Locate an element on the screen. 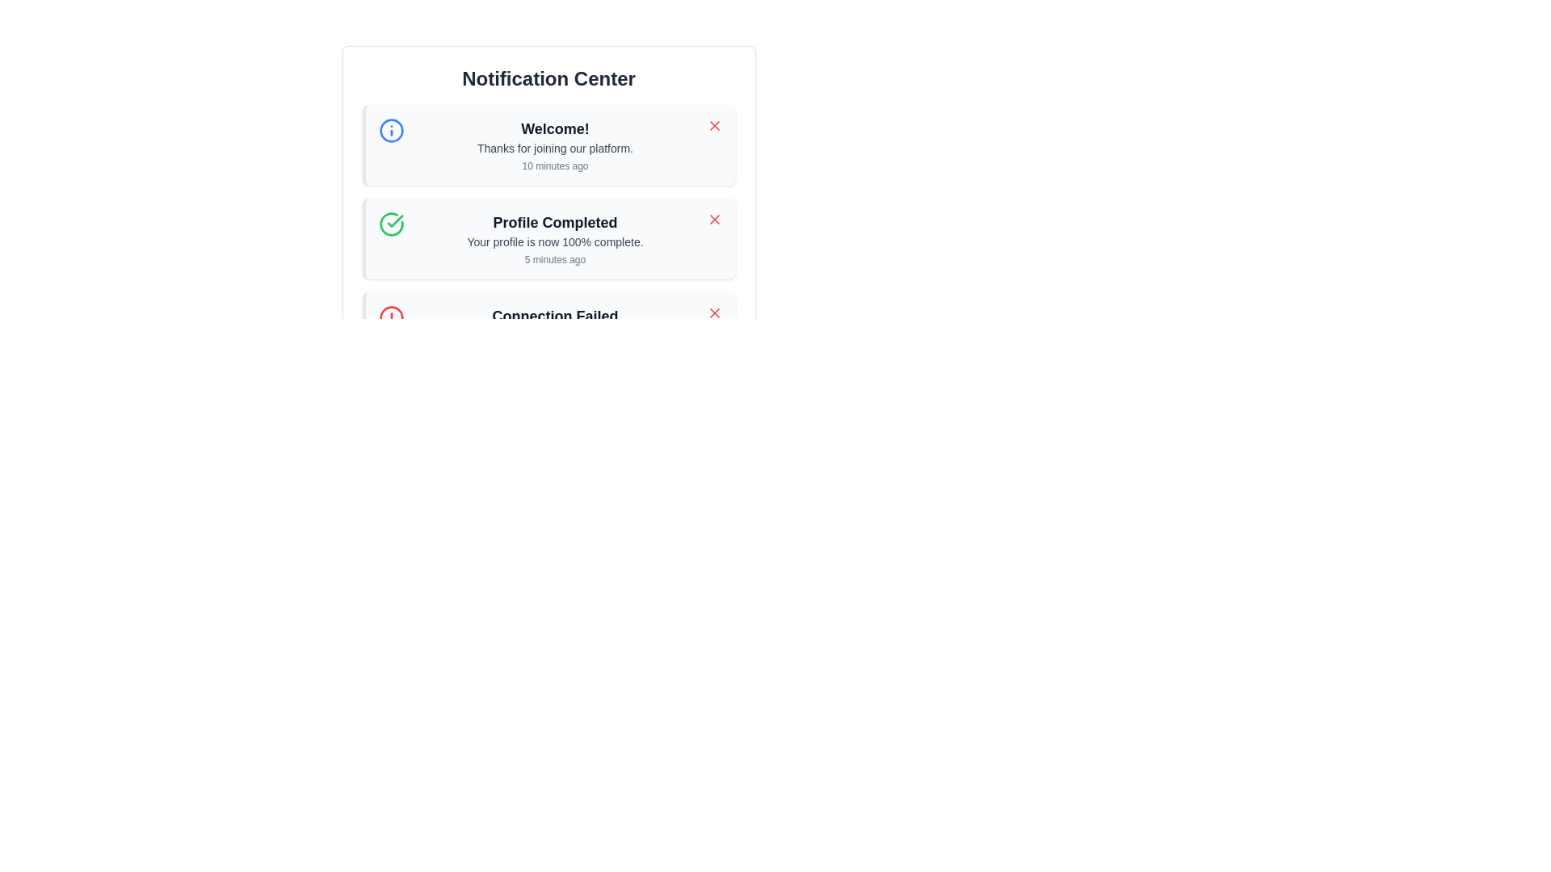 Image resolution: width=1551 pixels, height=872 pixels. the 'Profile Completed' notification card located in the 'Notification Center', which features the title 'Profile Completed', a description 'Your profile is now 100% complete.', and a timestamp '5 minutes ago' is located at coordinates (549, 220).